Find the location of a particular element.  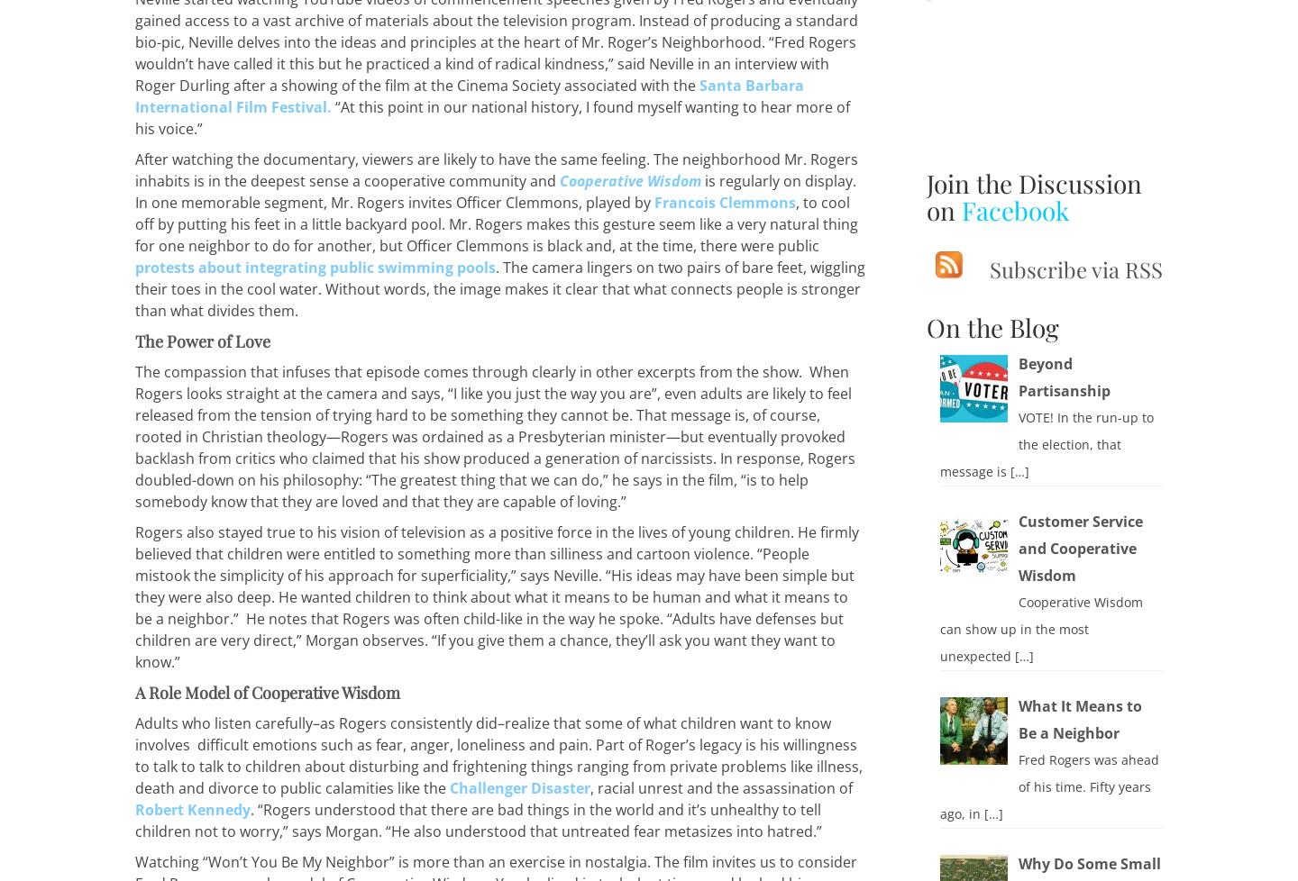

'Customer Service and Cooperative Wisdom' is located at coordinates (1079, 548).